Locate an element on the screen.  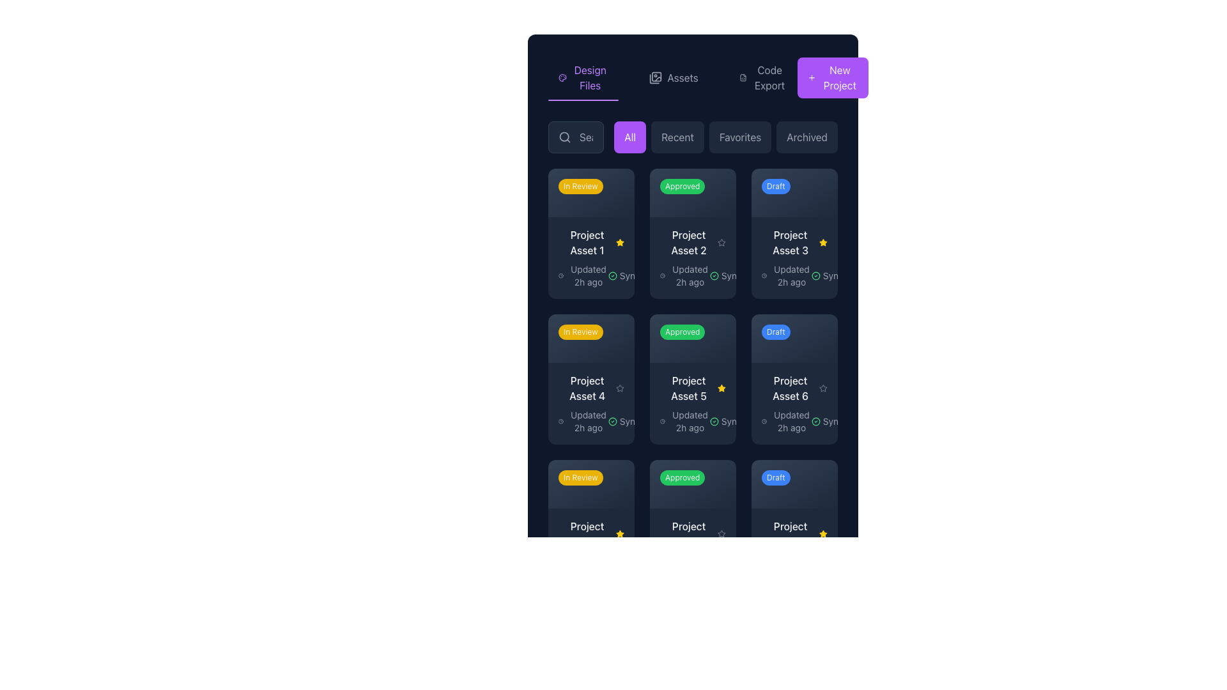
the circular clock icon located to the left of the text 'Updated 2h ago' is located at coordinates (663, 421).